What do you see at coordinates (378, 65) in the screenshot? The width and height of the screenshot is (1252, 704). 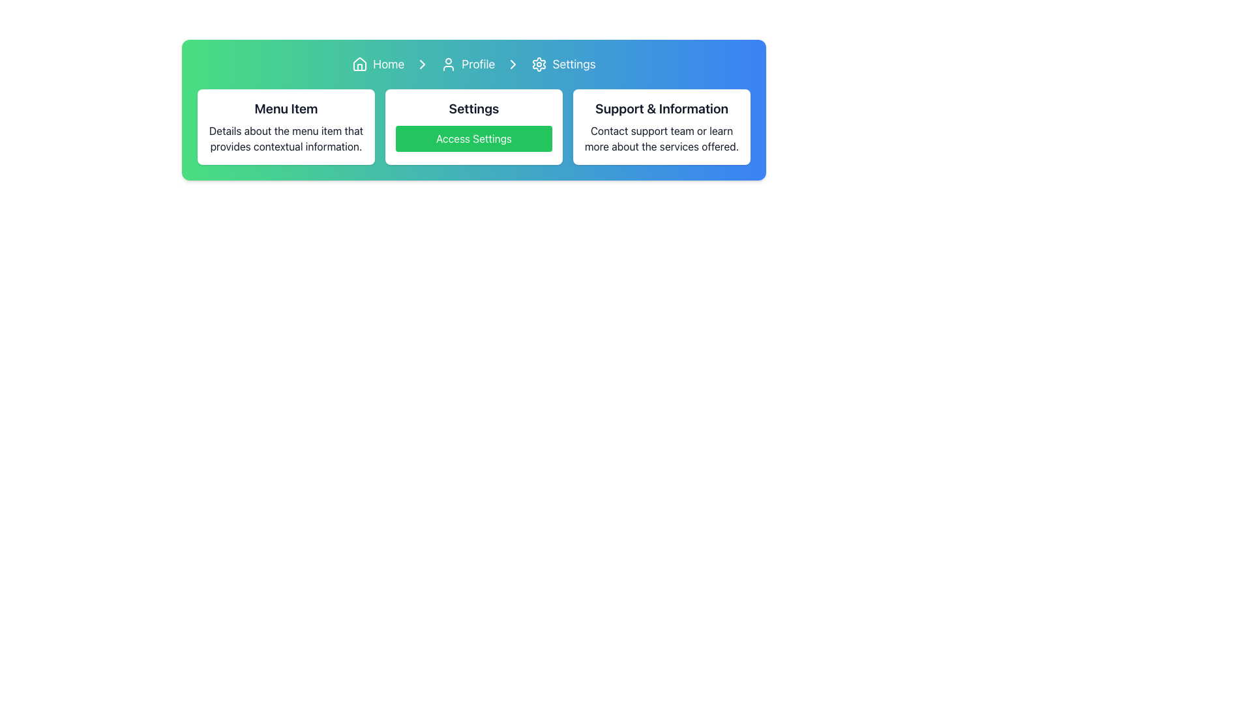 I see `the breadcrumb navigation item labeled 'Home'` at bounding box center [378, 65].